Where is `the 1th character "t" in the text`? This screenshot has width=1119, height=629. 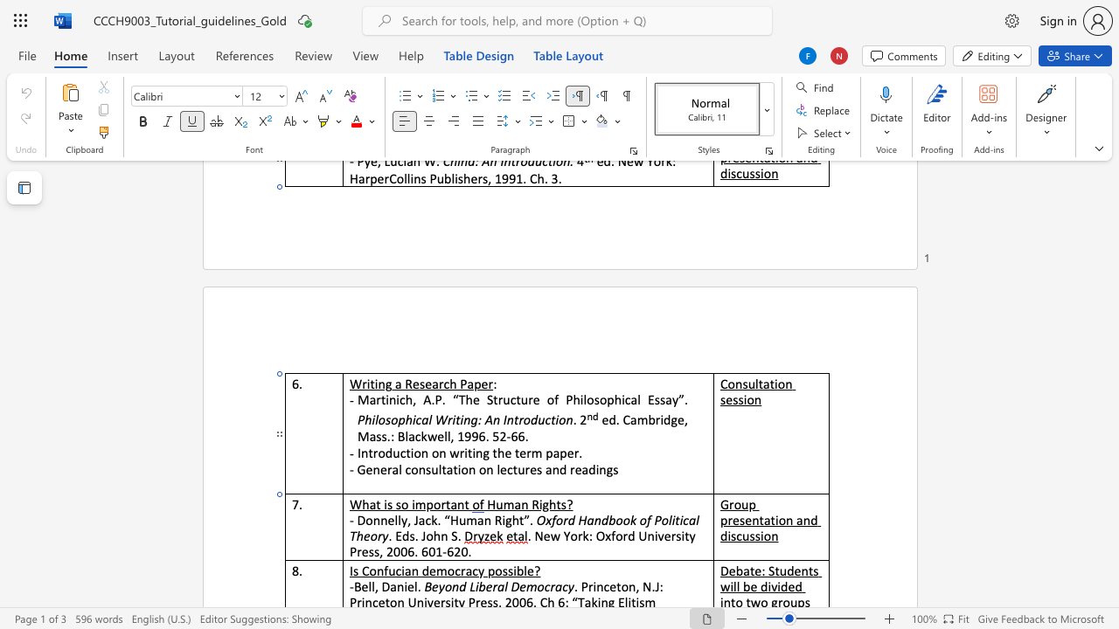 the 1th character "t" in the text is located at coordinates (520, 519).